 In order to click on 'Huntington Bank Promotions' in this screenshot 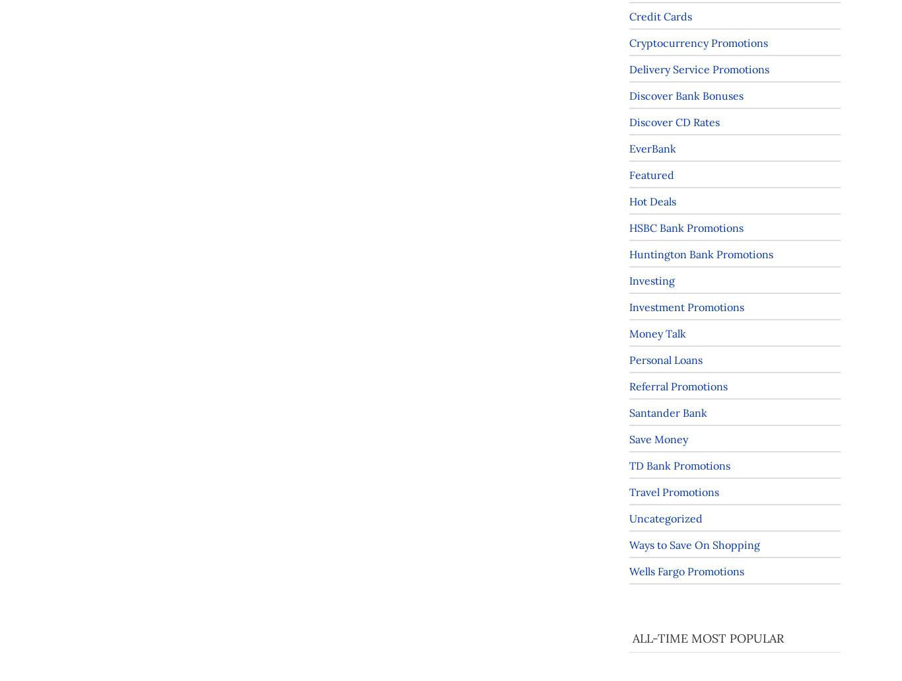, I will do `click(629, 253)`.